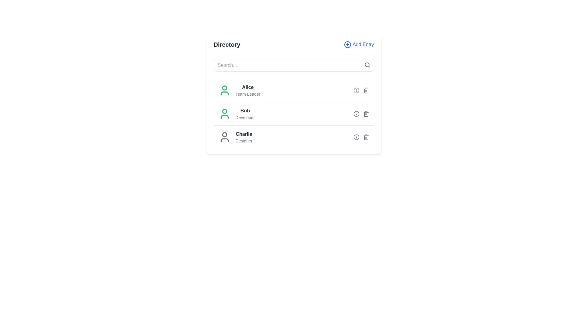  I want to click on the text element displaying 'Charlie' in bold dark gray, located in the bottom-most entry of the vertical list within the 'Directory' card, positioned above the text 'Designer.', so click(244, 134).